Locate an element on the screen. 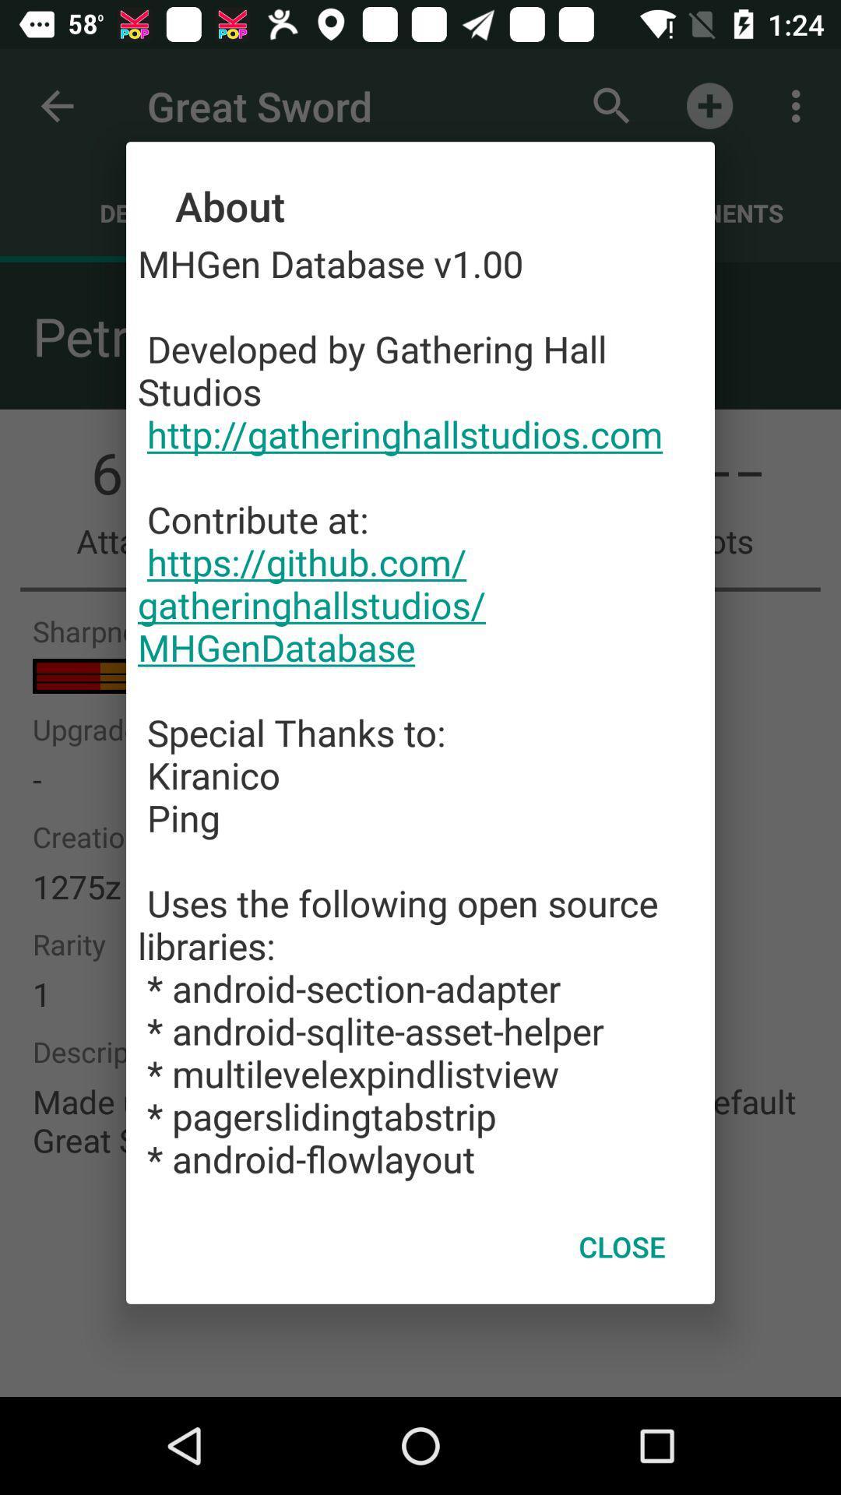 This screenshot has width=841, height=1495. the mhgen database v1 item is located at coordinates (420, 710).